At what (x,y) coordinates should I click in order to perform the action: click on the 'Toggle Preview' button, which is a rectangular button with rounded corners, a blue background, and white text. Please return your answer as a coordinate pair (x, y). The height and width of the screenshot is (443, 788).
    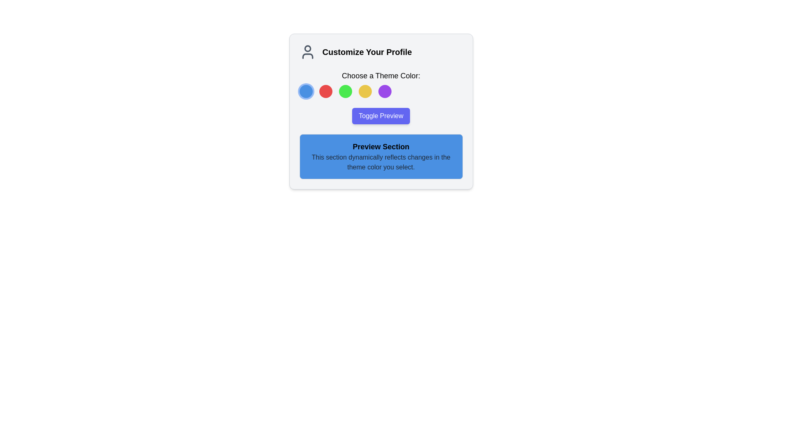
    Looking at the image, I should click on (380, 116).